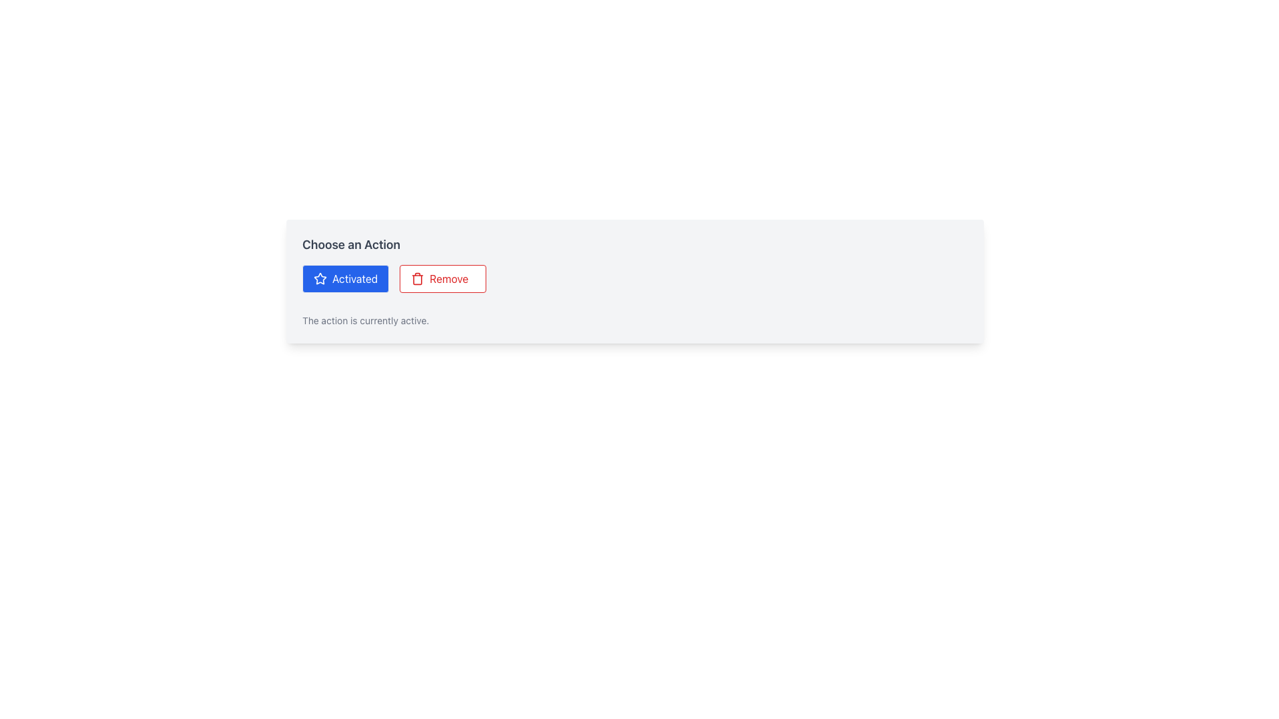 The image size is (1279, 719). Describe the element at coordinates (351, 244) in the screenshot. I see `the 'Choose an Action' label, which is a bold, larger, sans-serif font in grey color, positioned at the top of its light-grey panel` at that location.